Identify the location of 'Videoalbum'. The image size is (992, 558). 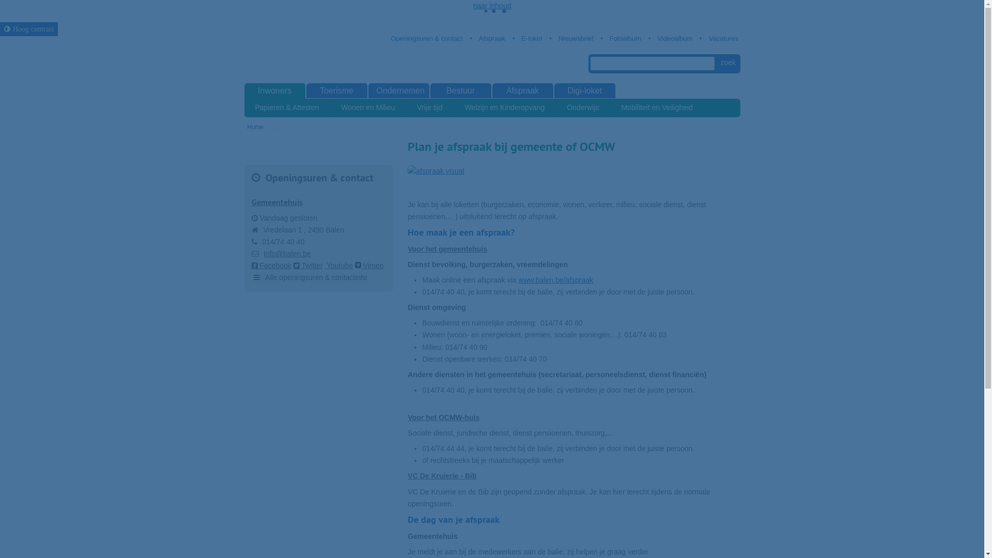
(670, 38).